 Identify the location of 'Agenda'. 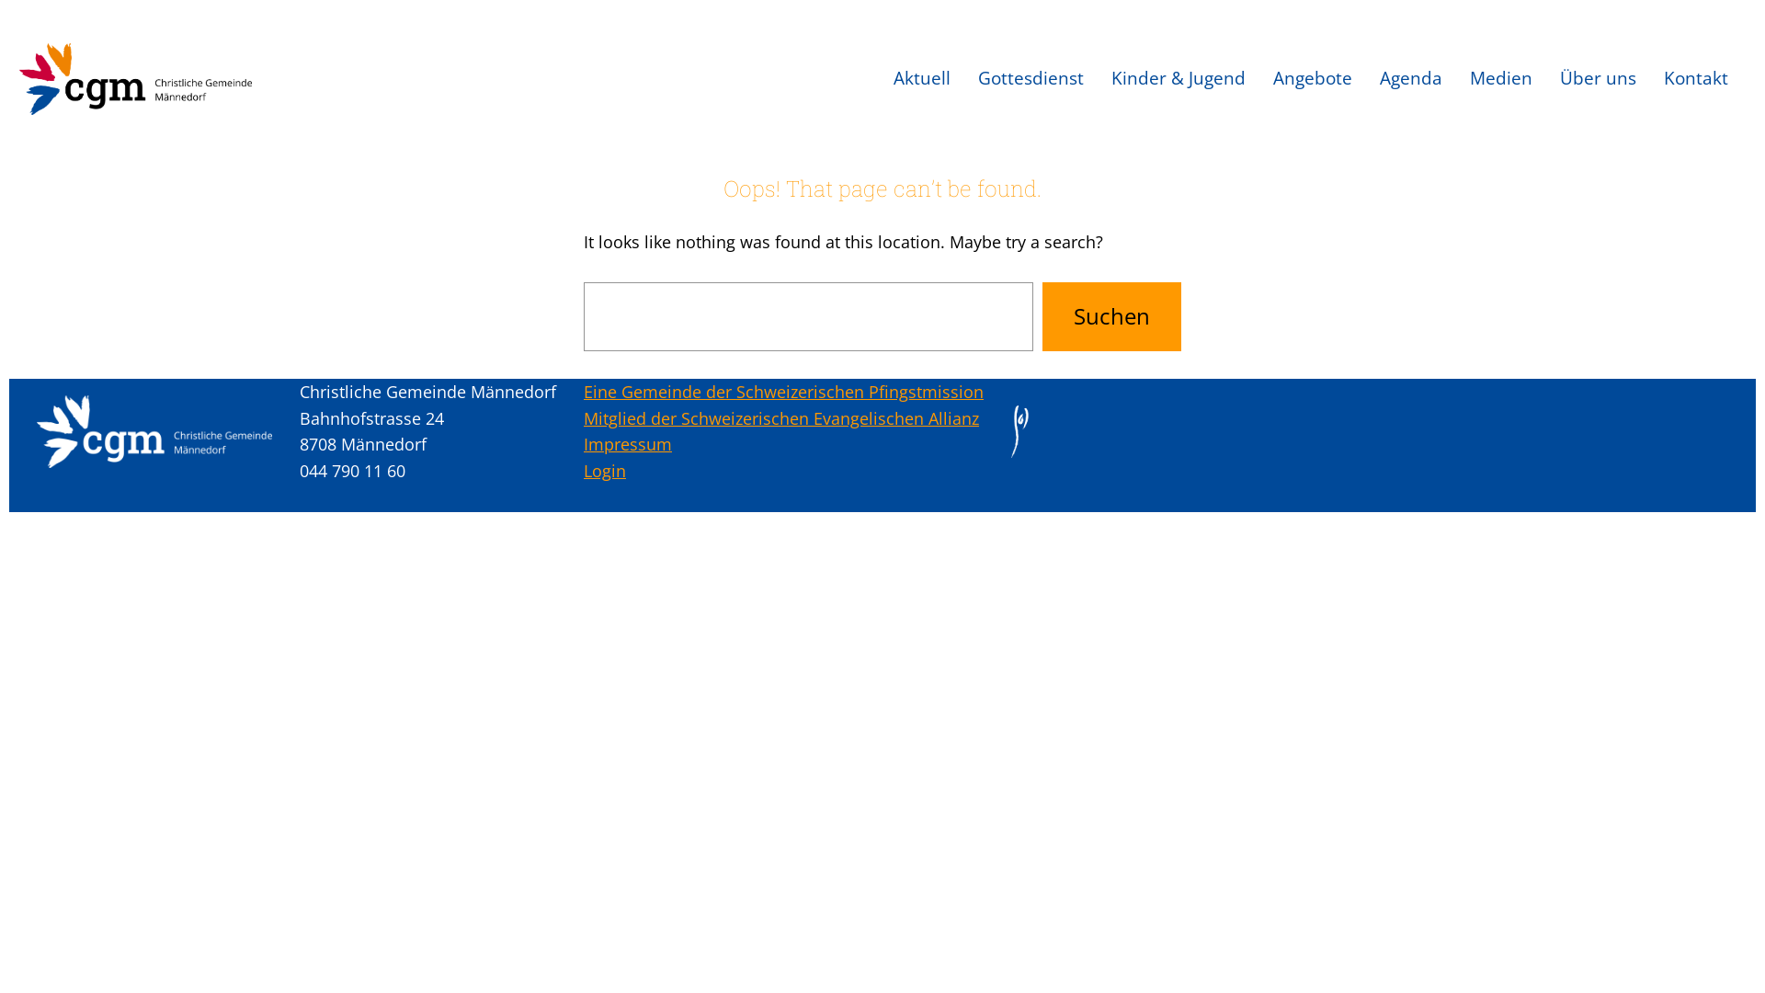
(1410, 77).